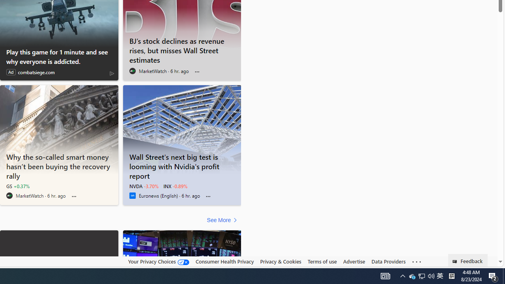 The height and width of the screenshot is (284, 505). Describe the element at coordinates (111, 73) in the screenshot. I see `'AdChoices'` at that location.